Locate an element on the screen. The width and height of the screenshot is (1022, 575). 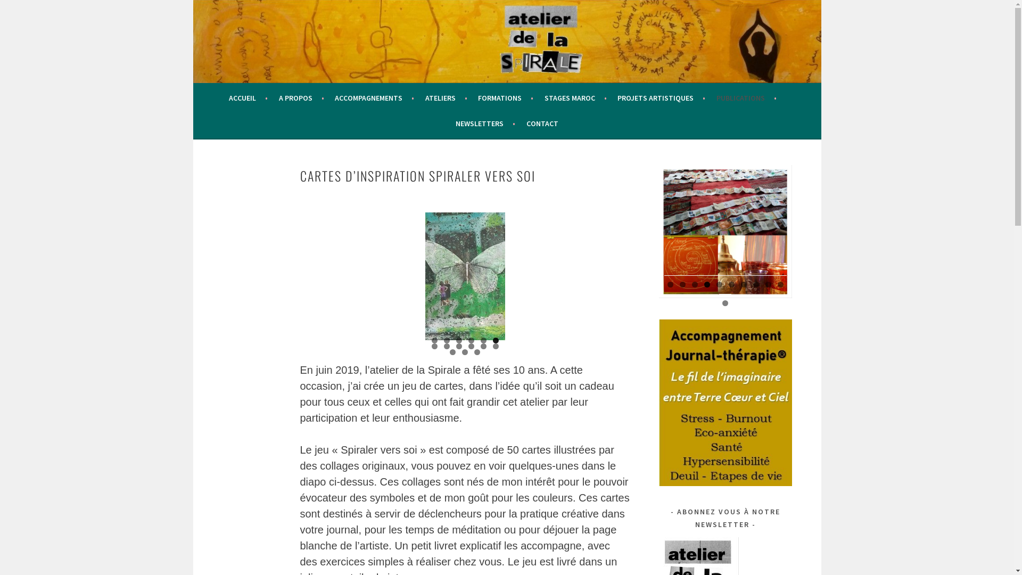
'2' is located at coordinates (447, 340).